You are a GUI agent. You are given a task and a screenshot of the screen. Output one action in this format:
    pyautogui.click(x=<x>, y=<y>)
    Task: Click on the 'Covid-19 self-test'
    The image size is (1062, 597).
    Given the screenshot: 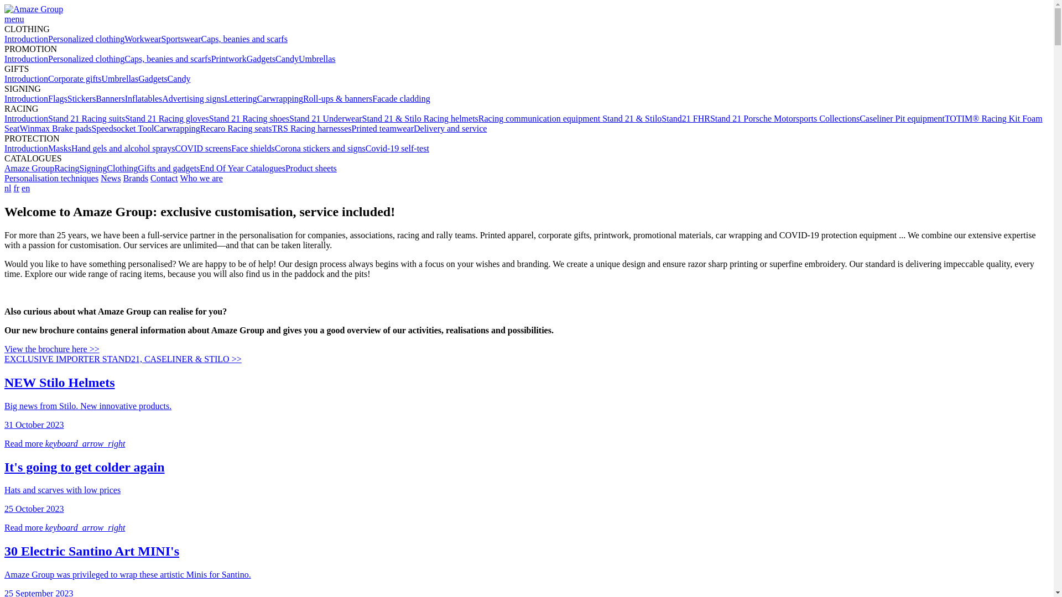 What is the action you would take?
    pyautogui.click(x=397, y=148)
    